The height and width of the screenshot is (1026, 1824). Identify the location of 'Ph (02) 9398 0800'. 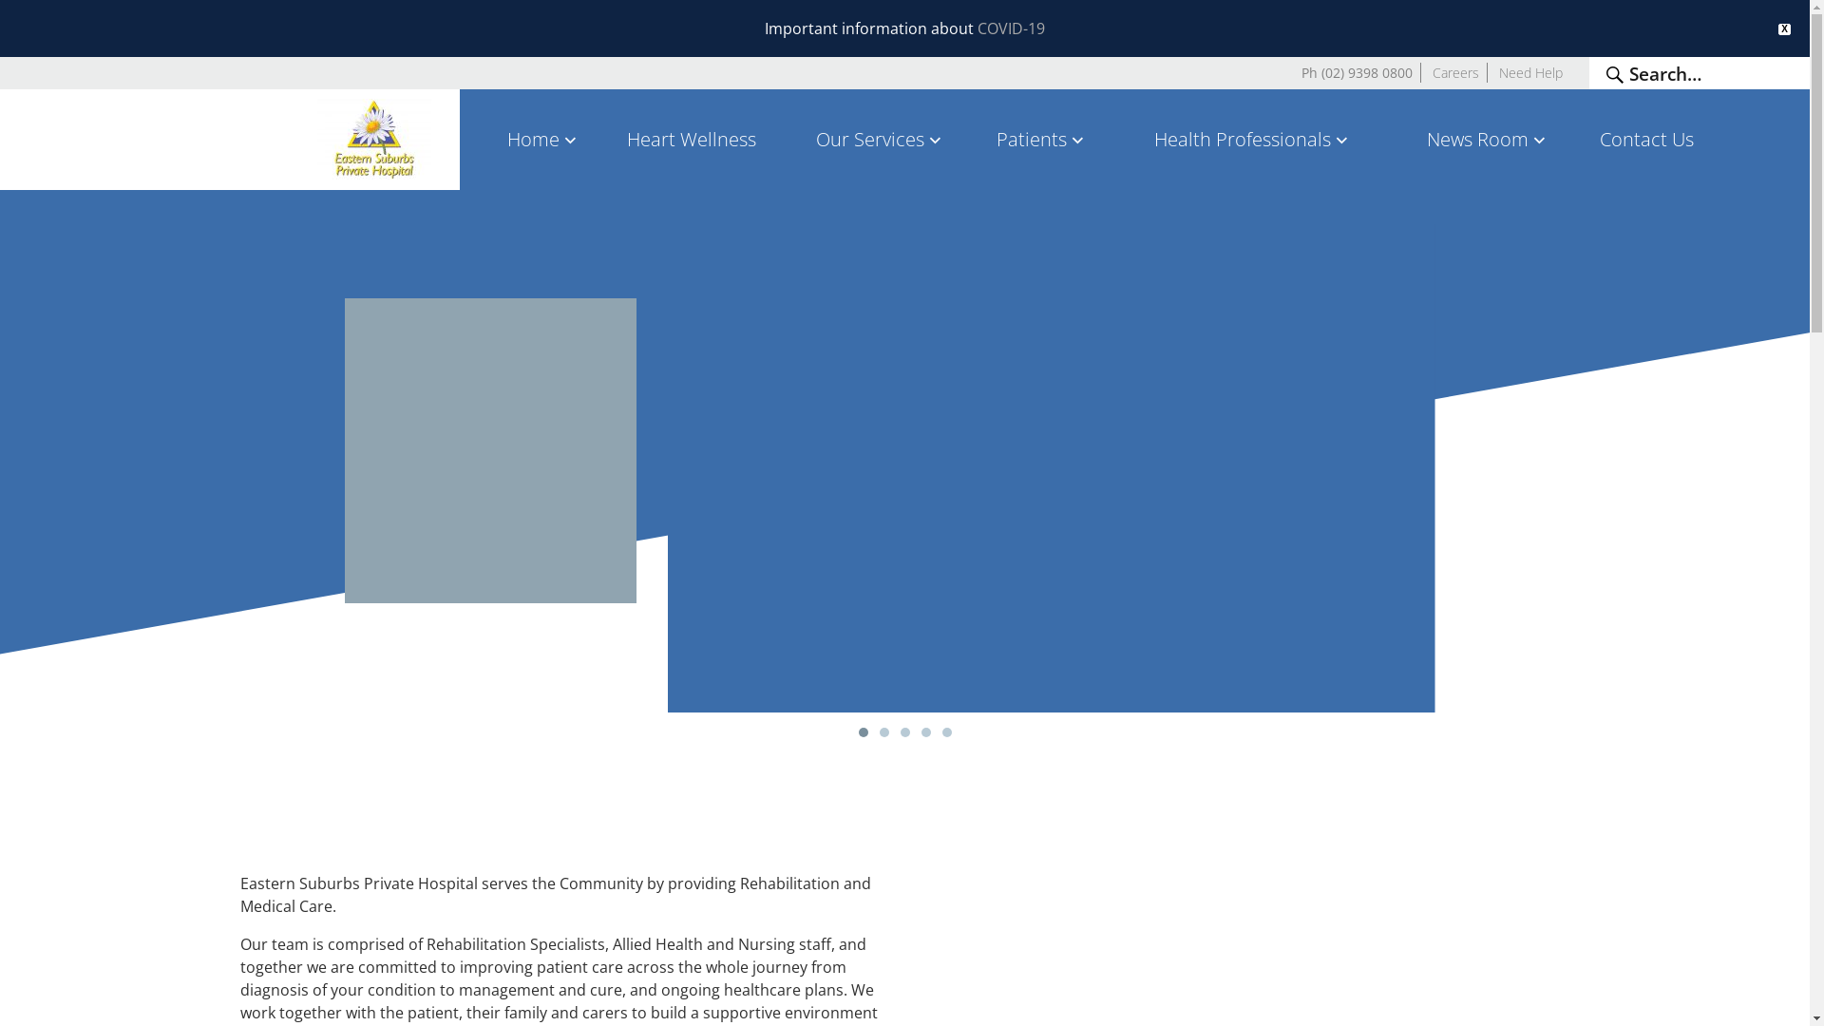
(1356, 71).